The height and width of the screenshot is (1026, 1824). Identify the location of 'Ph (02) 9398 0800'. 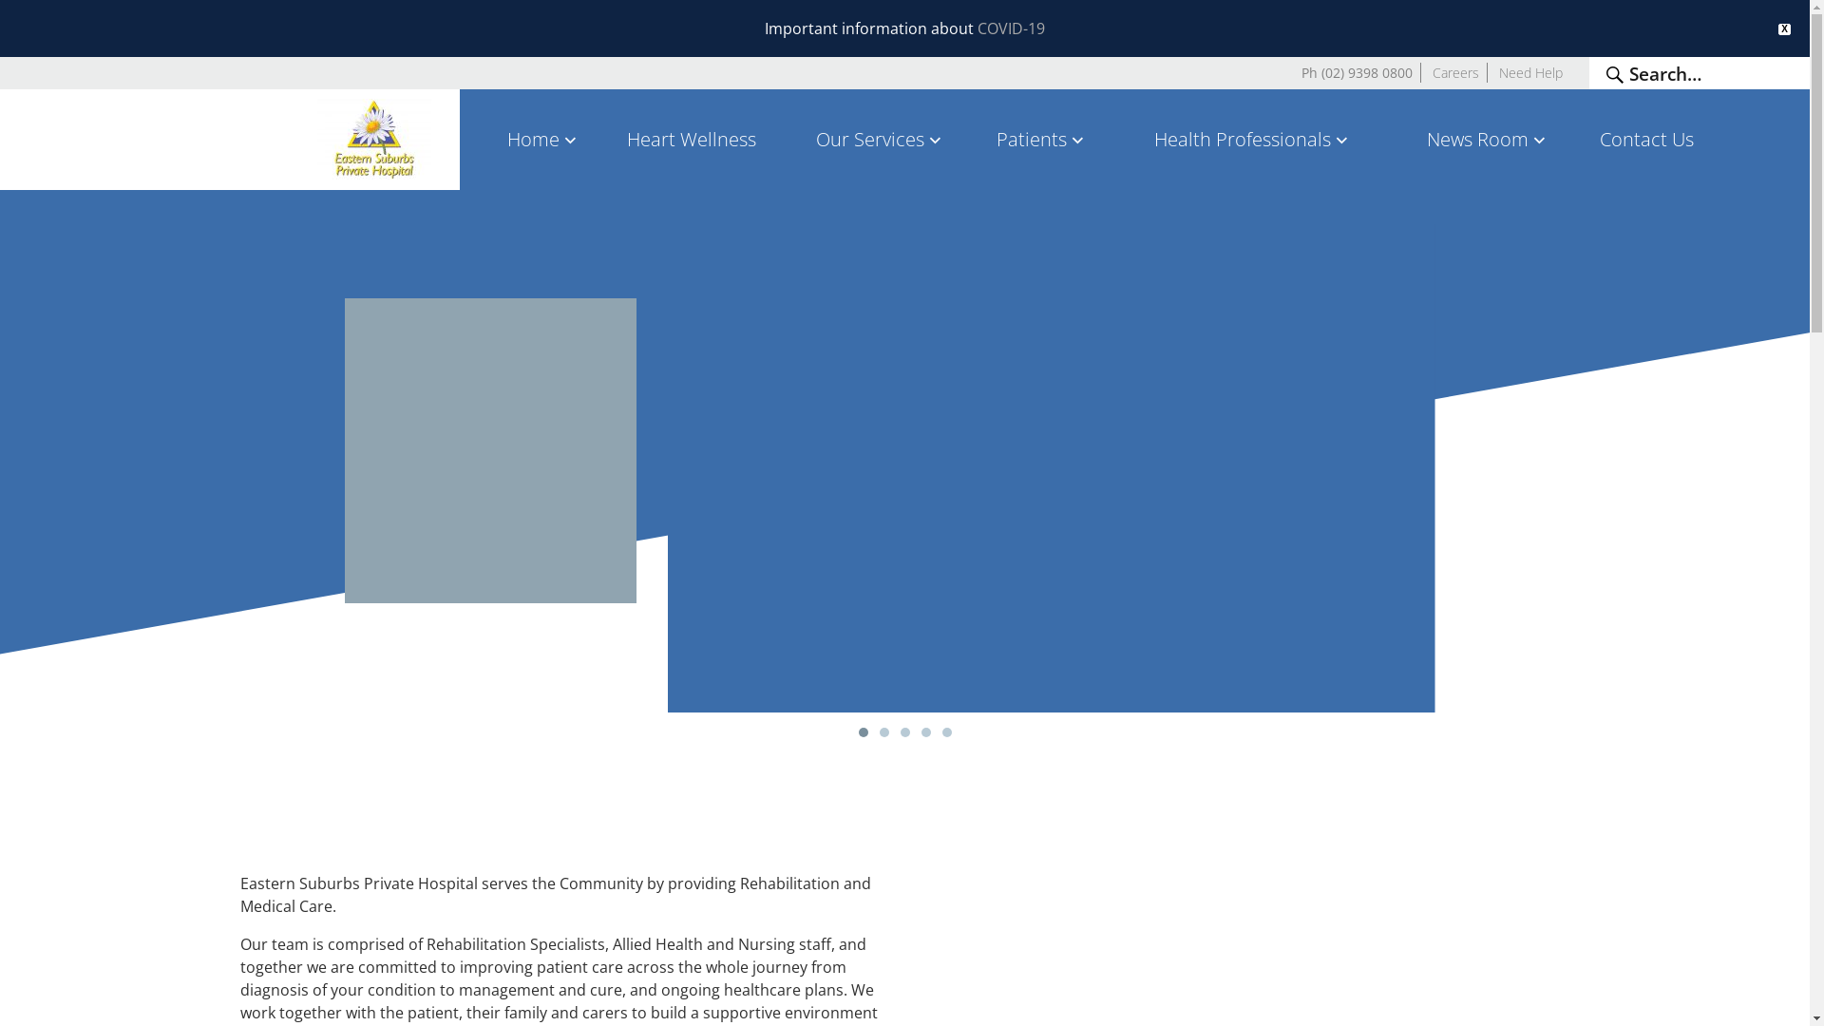
(1356, 71).